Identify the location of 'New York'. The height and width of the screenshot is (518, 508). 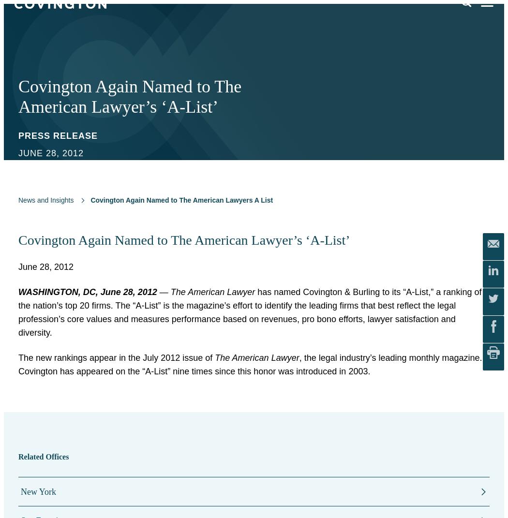
(38, 492).